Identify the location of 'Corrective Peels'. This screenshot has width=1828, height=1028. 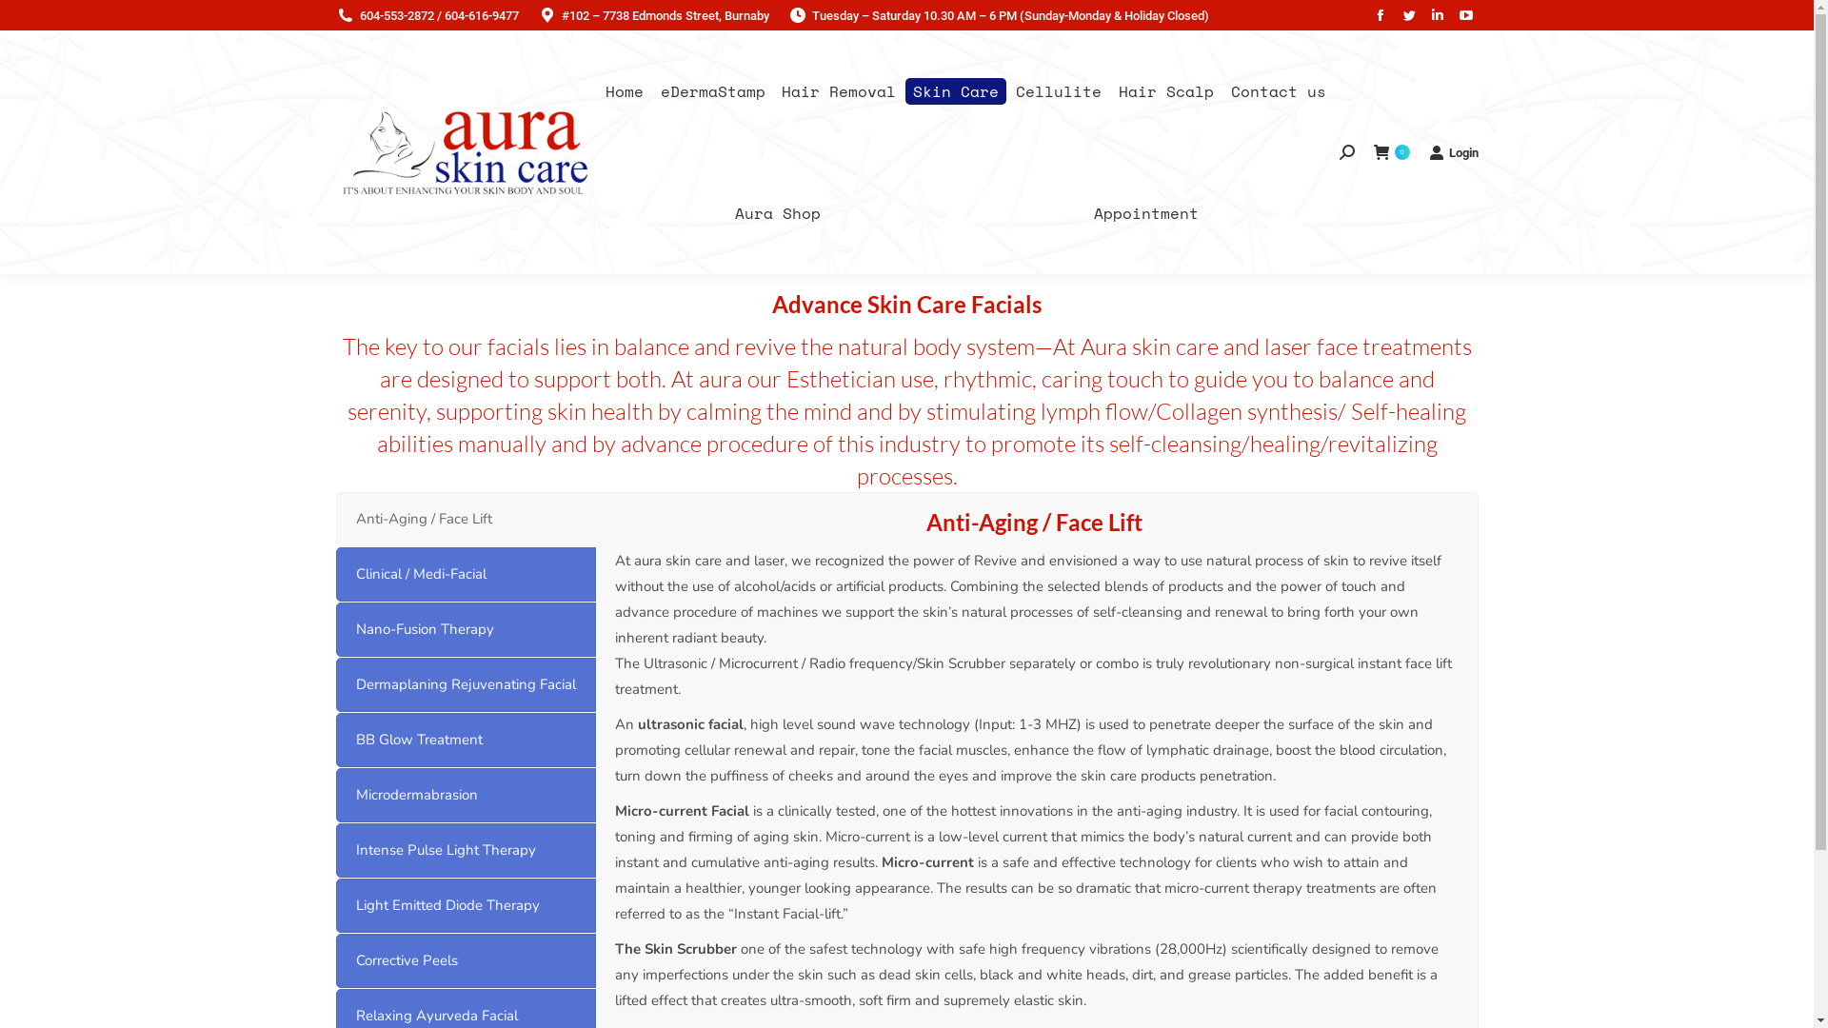
(465, 960).